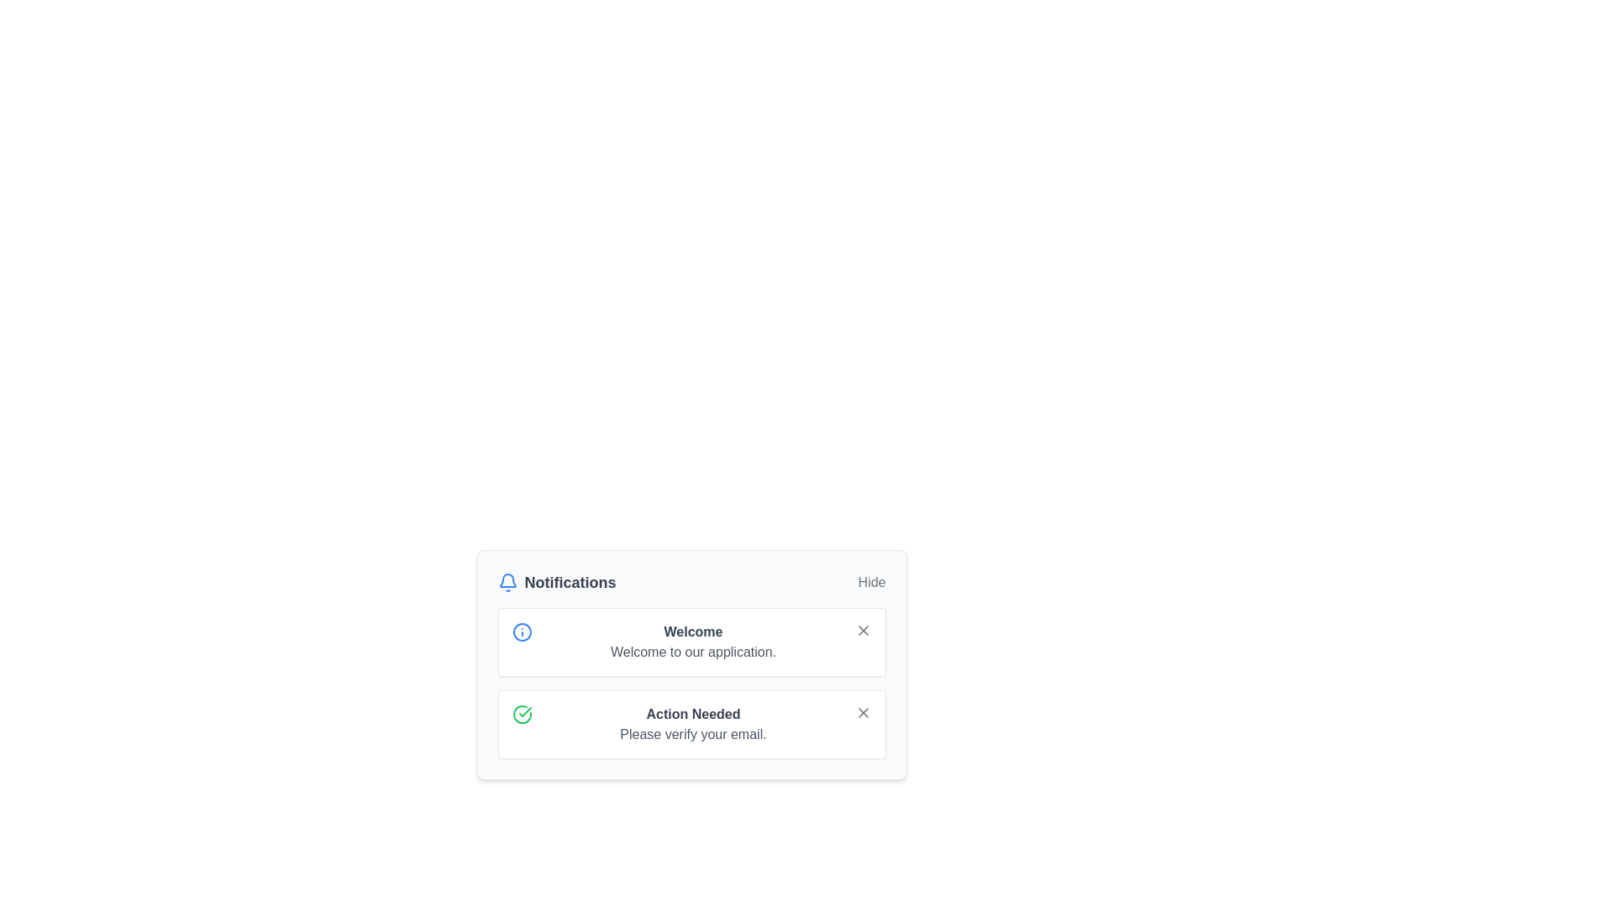  Describe the element at coordinates (523, 712) in the screenshot. I see `the green check mark graphic within the SVG element, which indicates success in the second notification item labeled 'Action Needed'` at that location.